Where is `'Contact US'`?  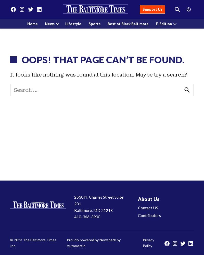 'Contact US' is located at coordinates (148, 207).